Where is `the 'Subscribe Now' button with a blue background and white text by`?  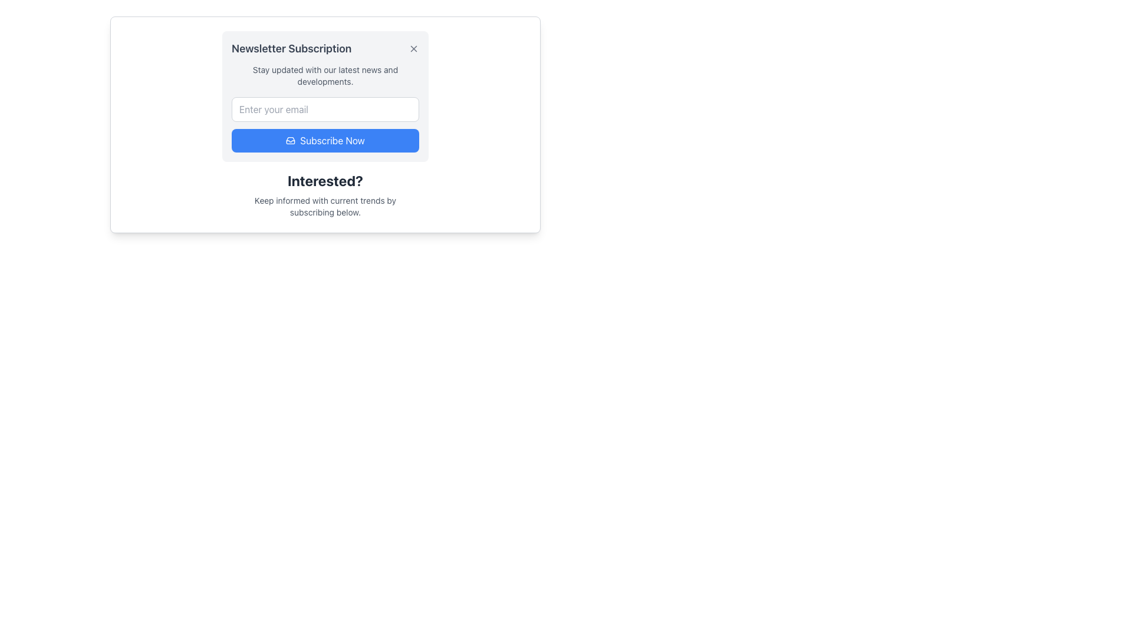
the 'Subscribe Now' button with a blue background and white text by is located at coordinates (325, 140).